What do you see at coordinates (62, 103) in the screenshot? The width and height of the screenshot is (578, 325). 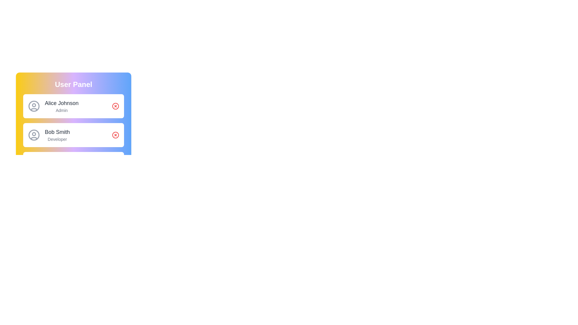 I see `text content of the element displaying 'Alice Johnson', which serves as a name label in the user panel, positioned above the 'Admin' designation` at bounding box center [62, 103].